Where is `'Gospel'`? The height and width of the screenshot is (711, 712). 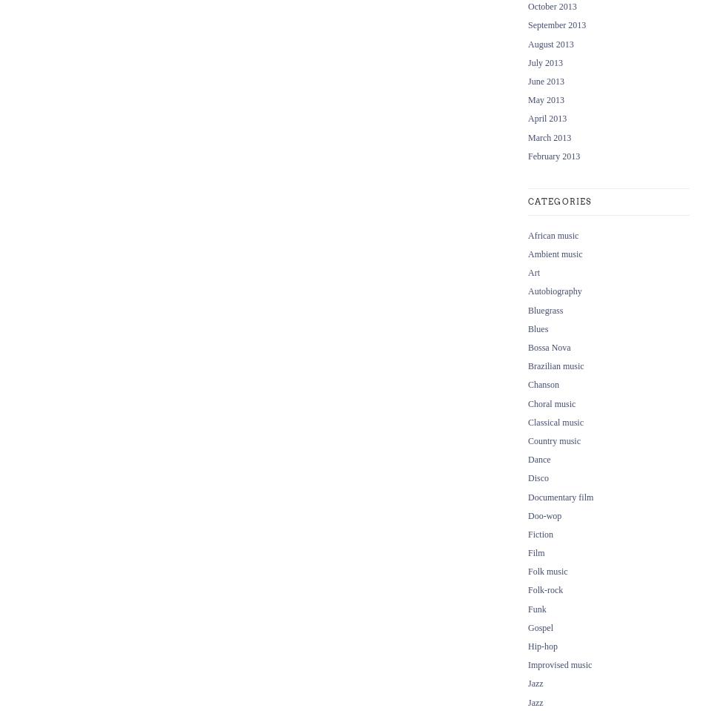
'Gospel' is located at coordinates (540, 626).